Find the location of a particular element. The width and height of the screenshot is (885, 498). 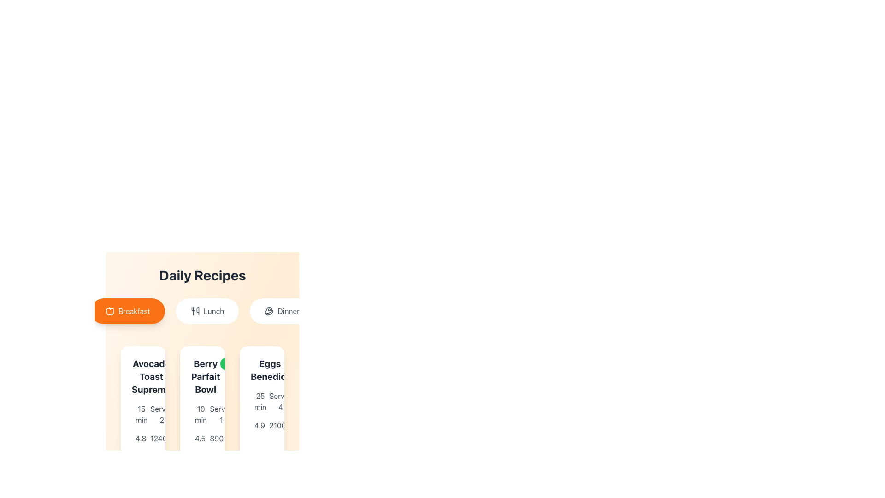

the text label displaying '10 min' located in the 'Berry Parfait Bowl' recipe card, which is below the title and aligns with an orange clock icon is located at coordinates (201, 414).